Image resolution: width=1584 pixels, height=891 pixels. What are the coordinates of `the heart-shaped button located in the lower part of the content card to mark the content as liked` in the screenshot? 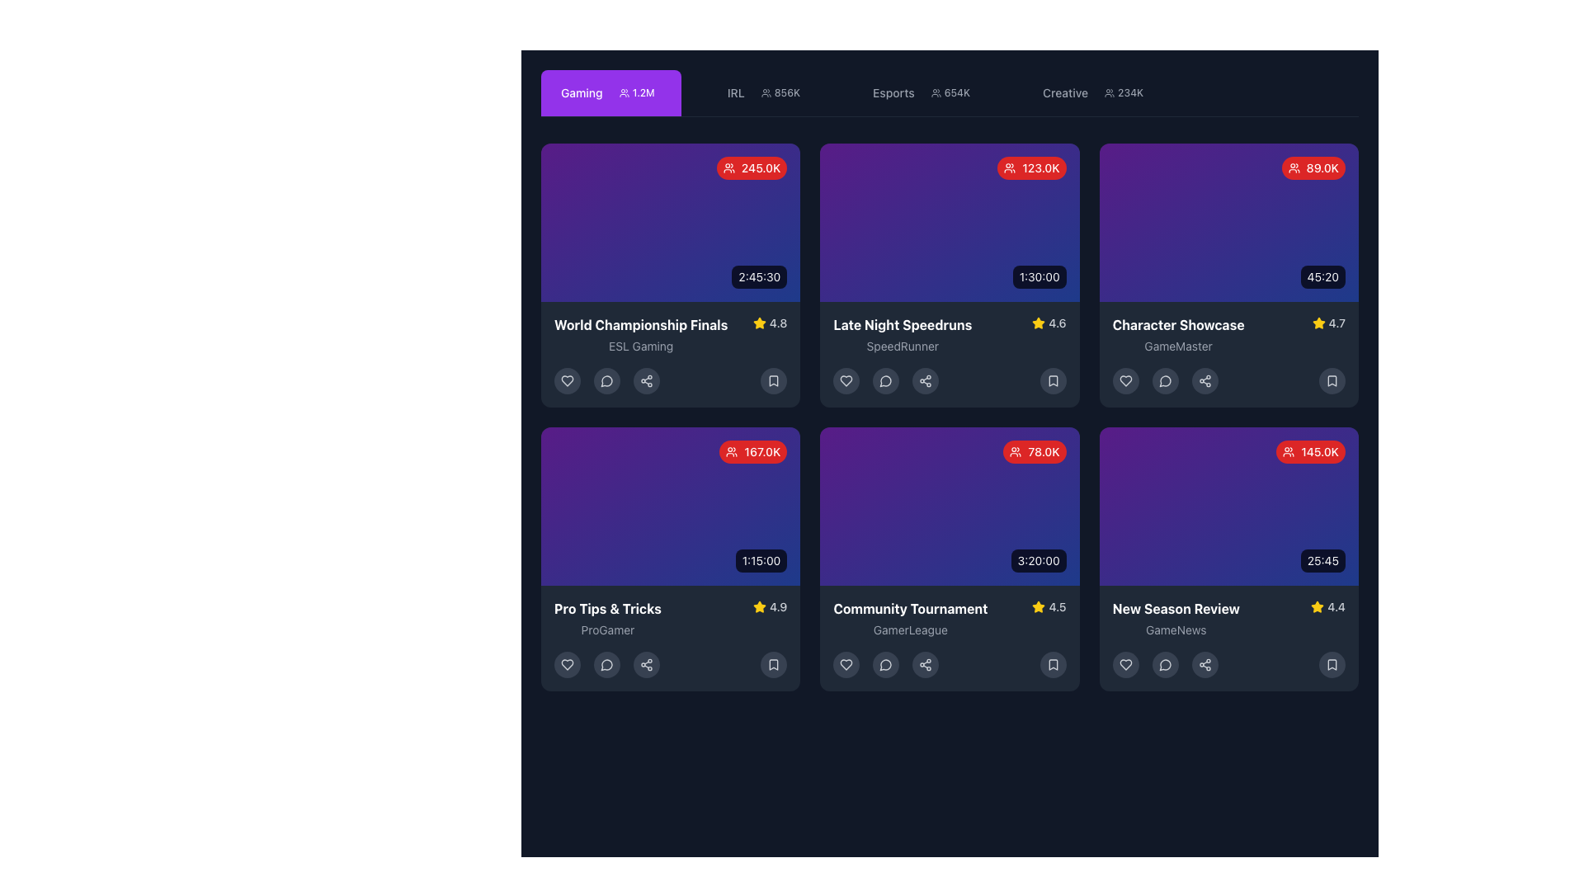 It's located at (1124, 381).